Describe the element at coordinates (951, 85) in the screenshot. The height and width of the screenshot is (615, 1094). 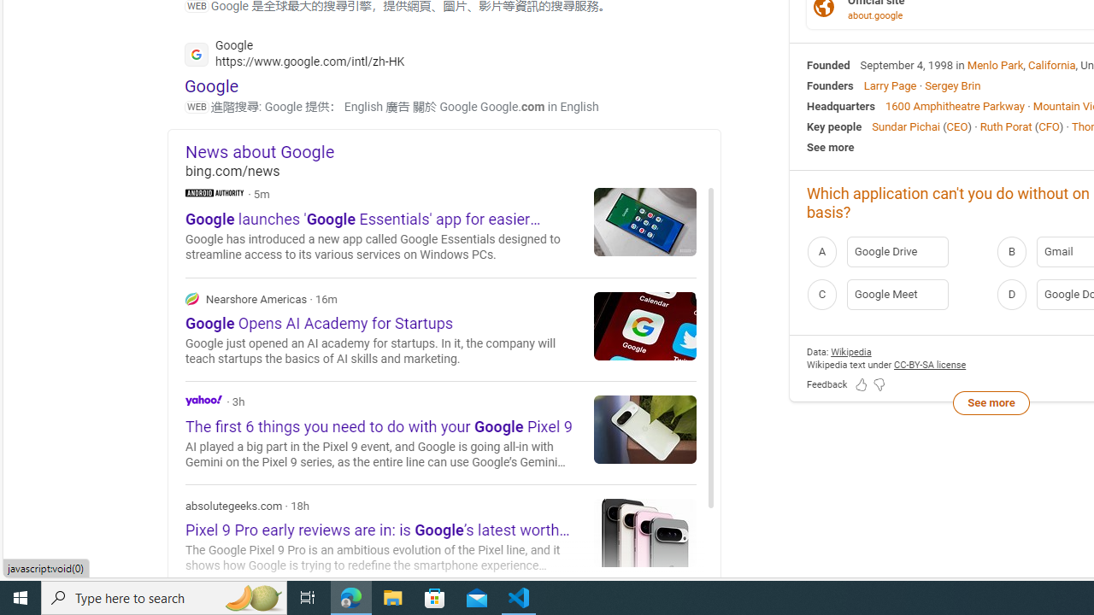
I see `'Sergey Brin'` at that location.